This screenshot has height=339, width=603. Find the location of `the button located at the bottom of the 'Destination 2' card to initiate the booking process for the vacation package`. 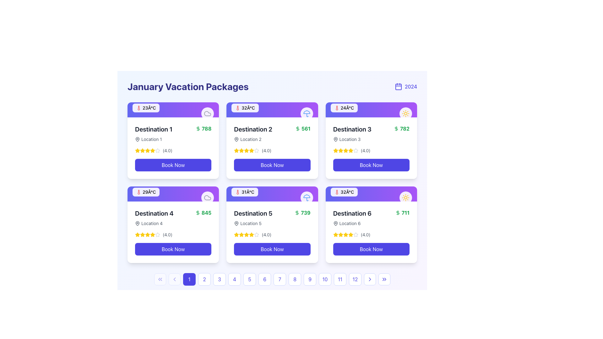

the button located at the bottom of the 'Destination 2' card to initiate the booking process for the vacation package is located at coordinates (272, 164).